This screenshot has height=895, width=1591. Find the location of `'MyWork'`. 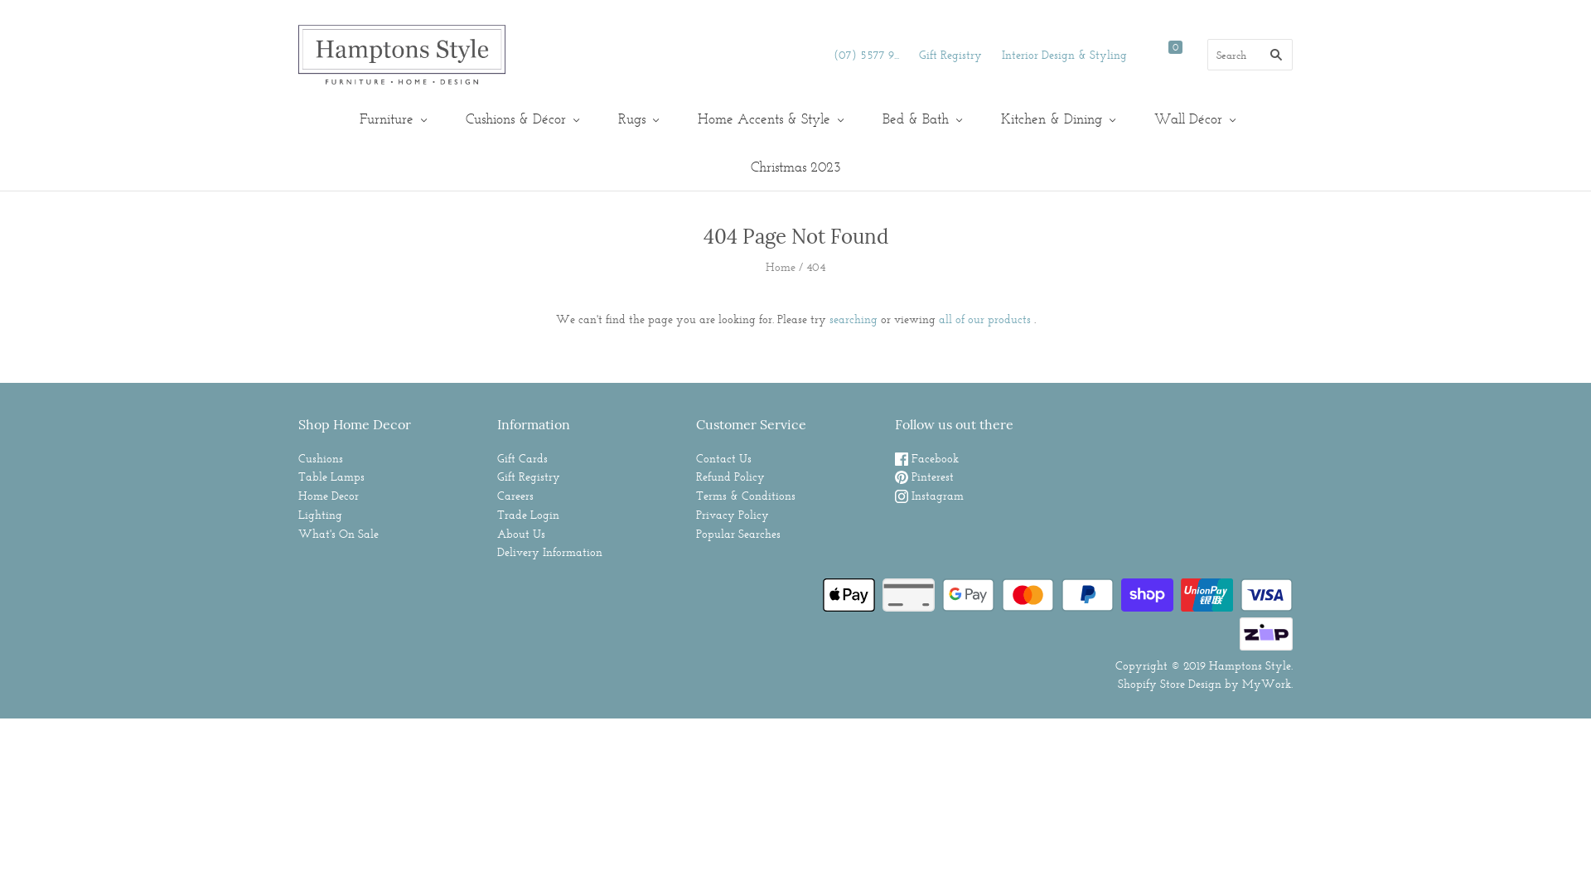

'MyWork' is located at coordinates (1265, 684).